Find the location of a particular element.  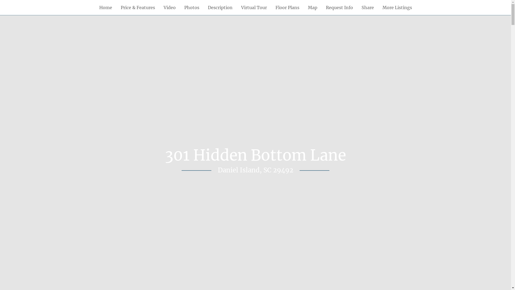

'More Listings' is located at coordinates (397, 7).